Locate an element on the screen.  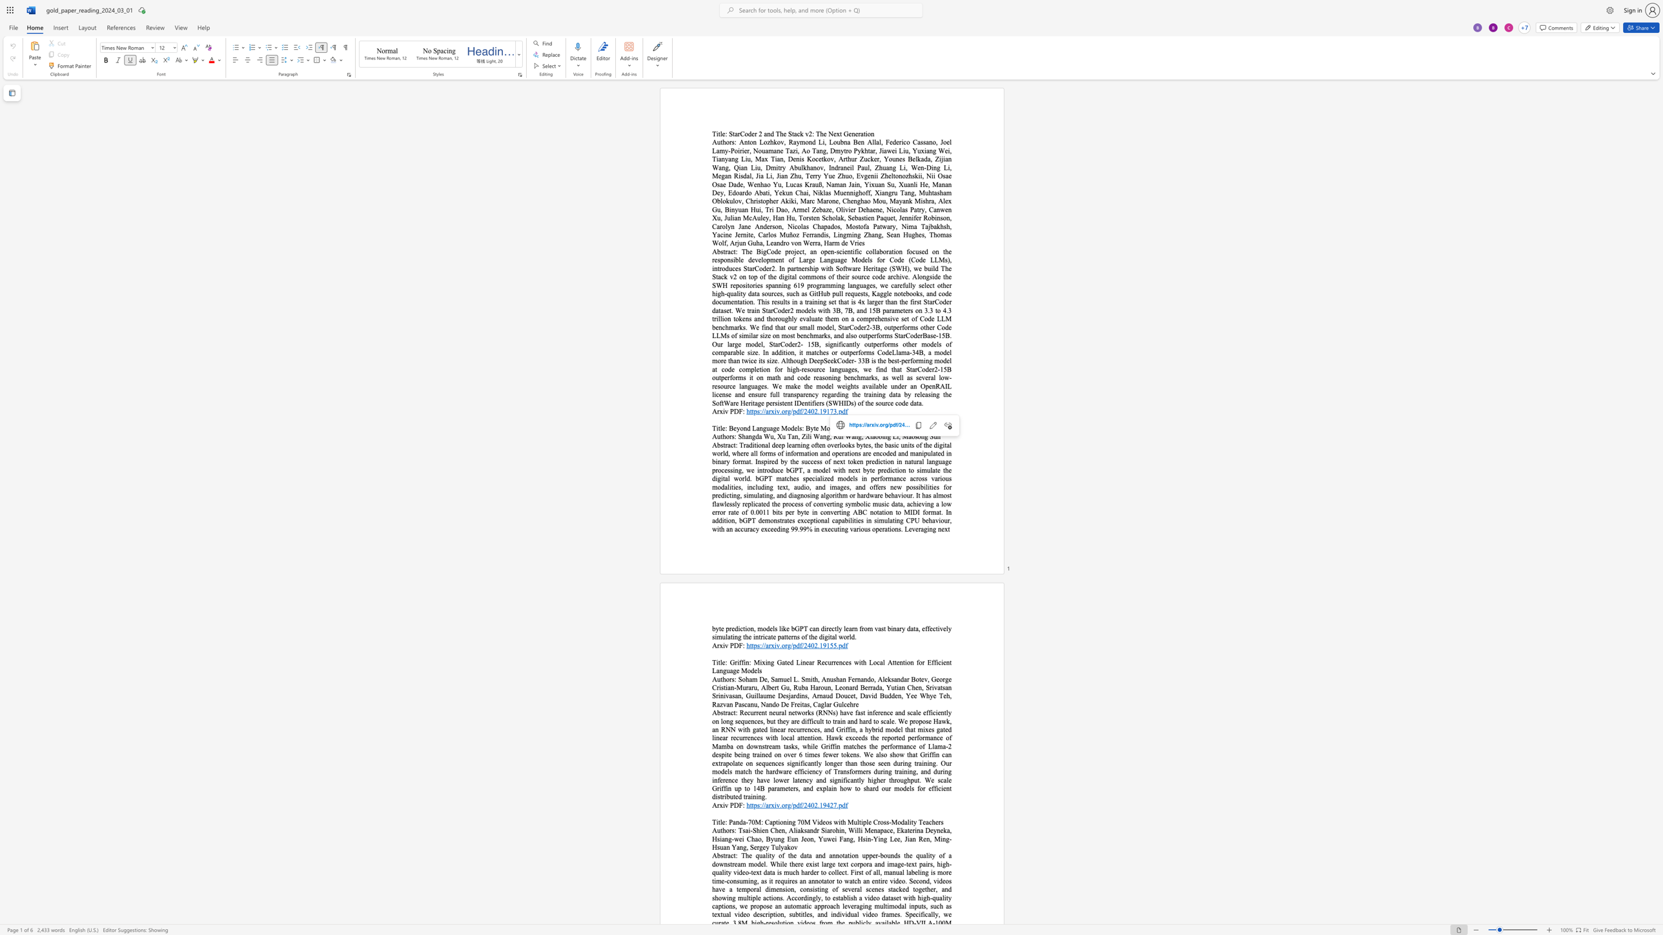
the space between the continuous character "i" and "a" in the text is located at coordinates (872, 436).